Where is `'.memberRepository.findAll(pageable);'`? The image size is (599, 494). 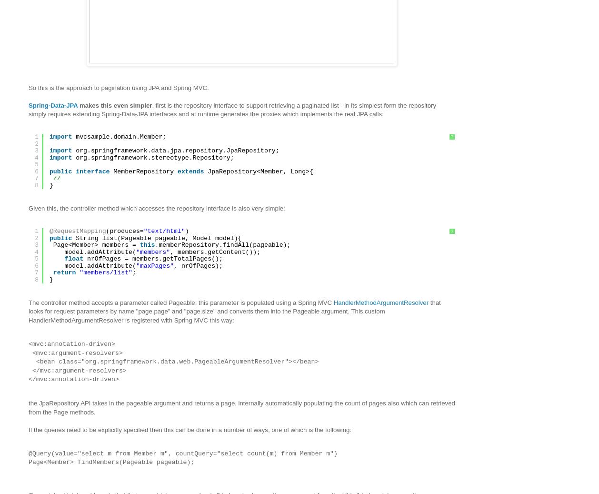
'.memberRepository.findAll(pageable);' is located at coordinates (222, 244).